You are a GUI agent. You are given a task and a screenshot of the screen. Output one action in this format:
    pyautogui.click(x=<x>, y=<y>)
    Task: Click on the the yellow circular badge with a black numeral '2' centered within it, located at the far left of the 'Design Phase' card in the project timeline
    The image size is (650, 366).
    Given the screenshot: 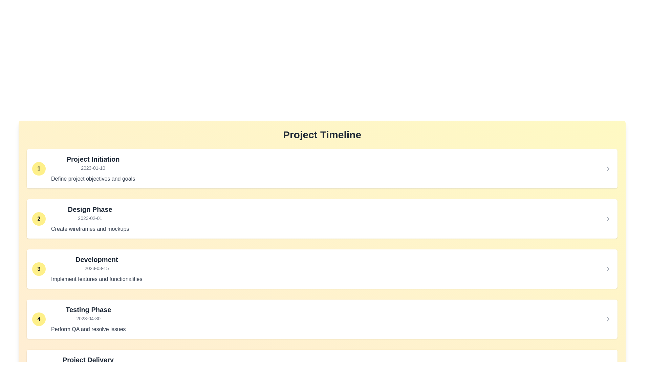 What is the action you would take?
    pyautogui.click(x=39, y=219)
    